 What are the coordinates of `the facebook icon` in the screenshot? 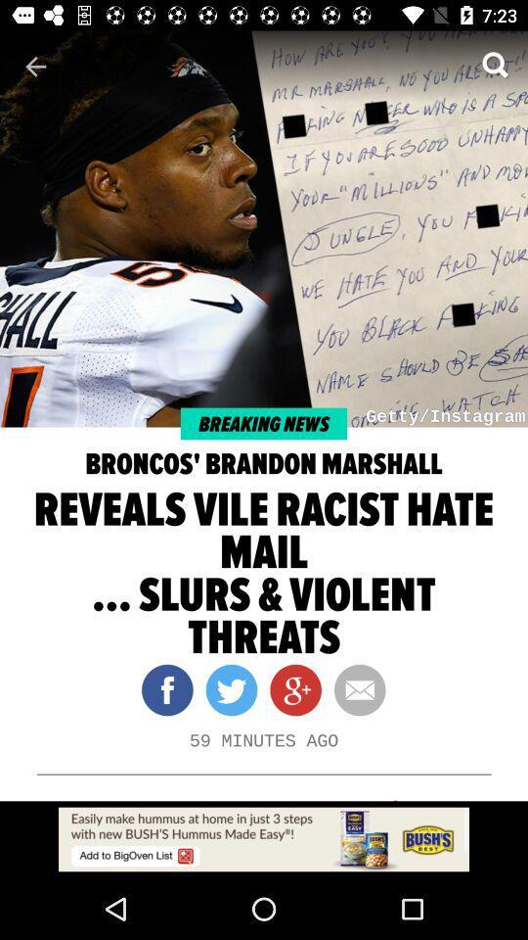 It's located at (167, 690).